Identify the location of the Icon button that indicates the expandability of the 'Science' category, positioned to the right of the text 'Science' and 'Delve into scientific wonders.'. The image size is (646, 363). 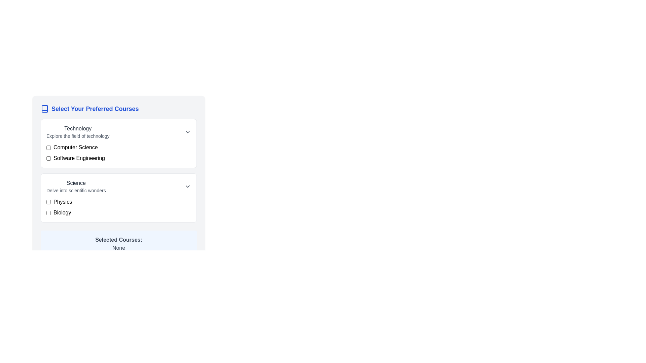
(187, 187).